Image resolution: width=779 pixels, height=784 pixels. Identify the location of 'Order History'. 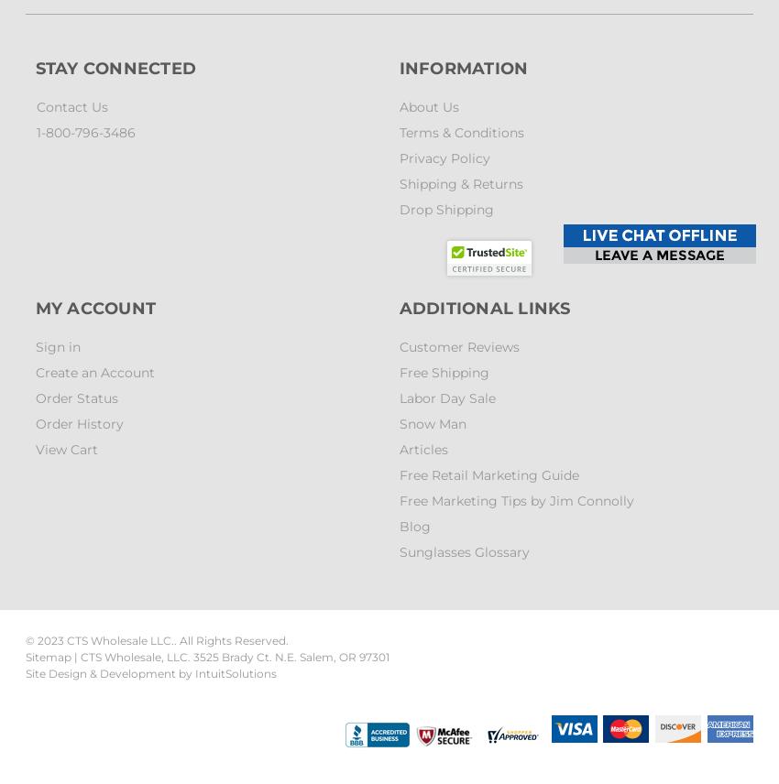
(78, 424).